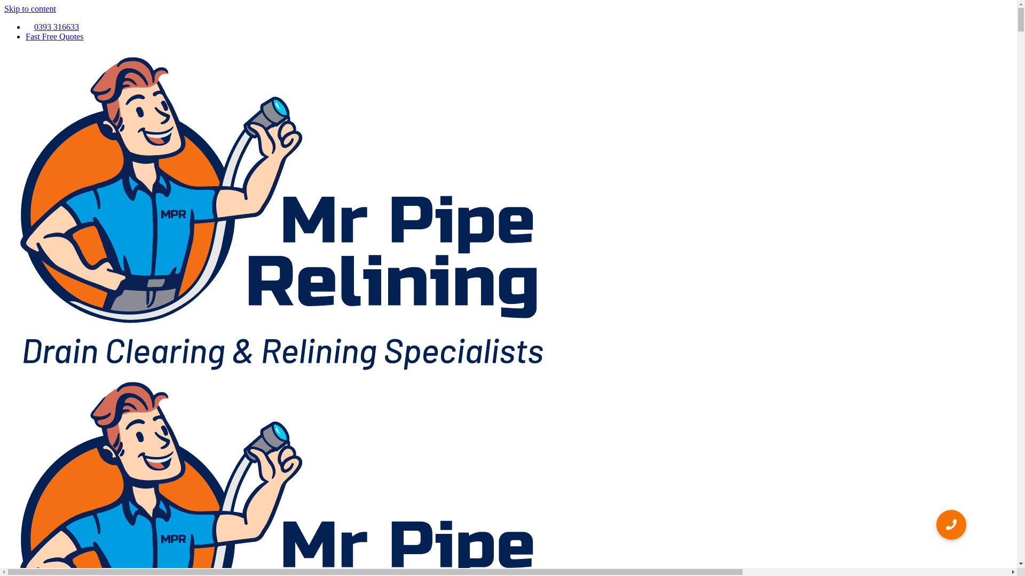 The image size is (1025, 576). I want to click on 'Fast Free Quotes', so click(53, 36).